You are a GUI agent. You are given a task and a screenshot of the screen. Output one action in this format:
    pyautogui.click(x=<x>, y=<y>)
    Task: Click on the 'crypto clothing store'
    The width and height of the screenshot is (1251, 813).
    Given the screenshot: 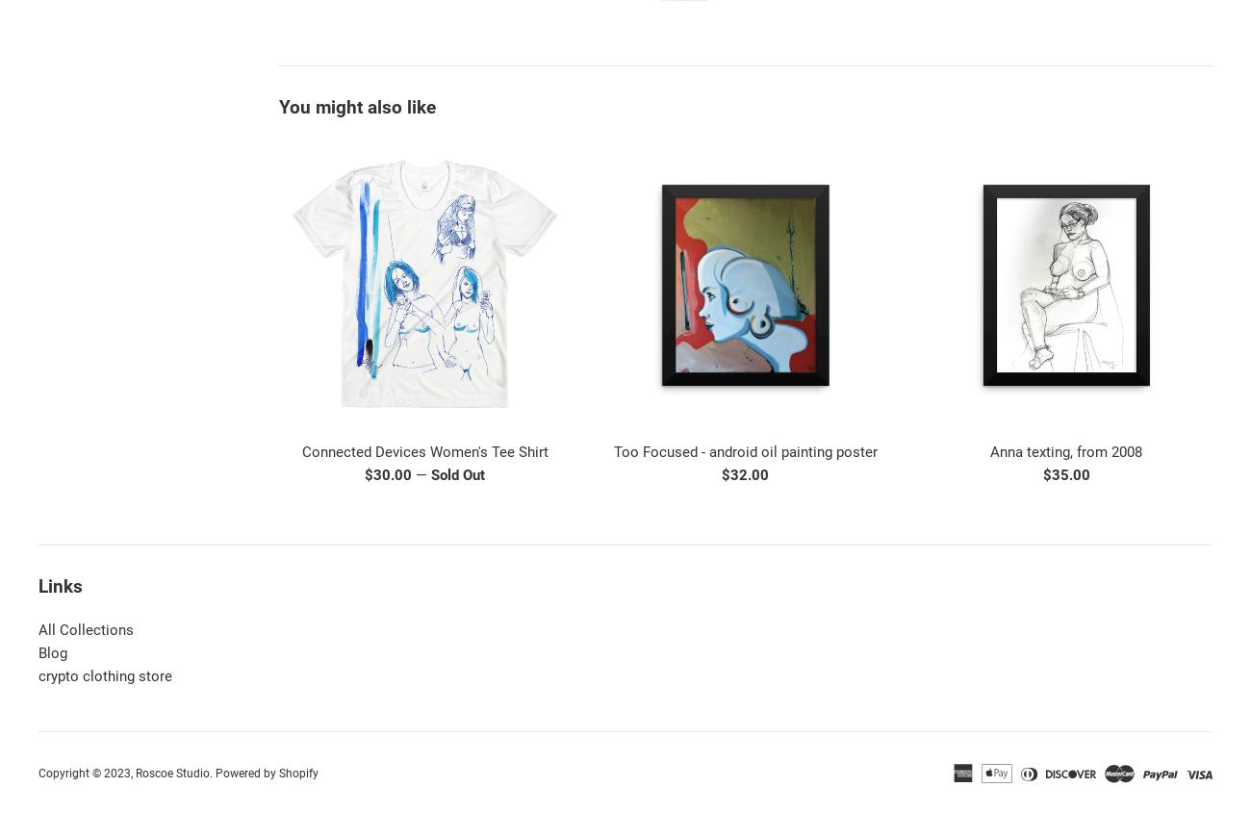 What is the action you would take?
    pyautogui.click(x=104, y=674)
    